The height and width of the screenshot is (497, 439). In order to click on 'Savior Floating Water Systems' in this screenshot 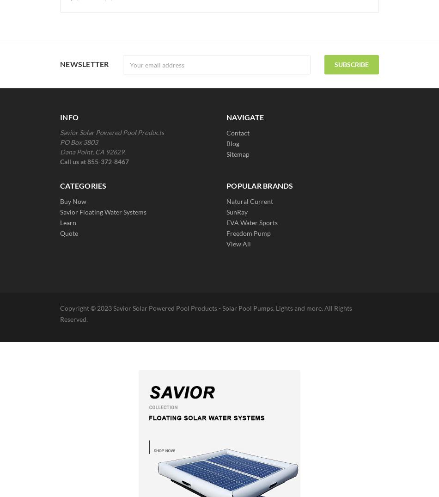, I will do `click(103, 212)`.